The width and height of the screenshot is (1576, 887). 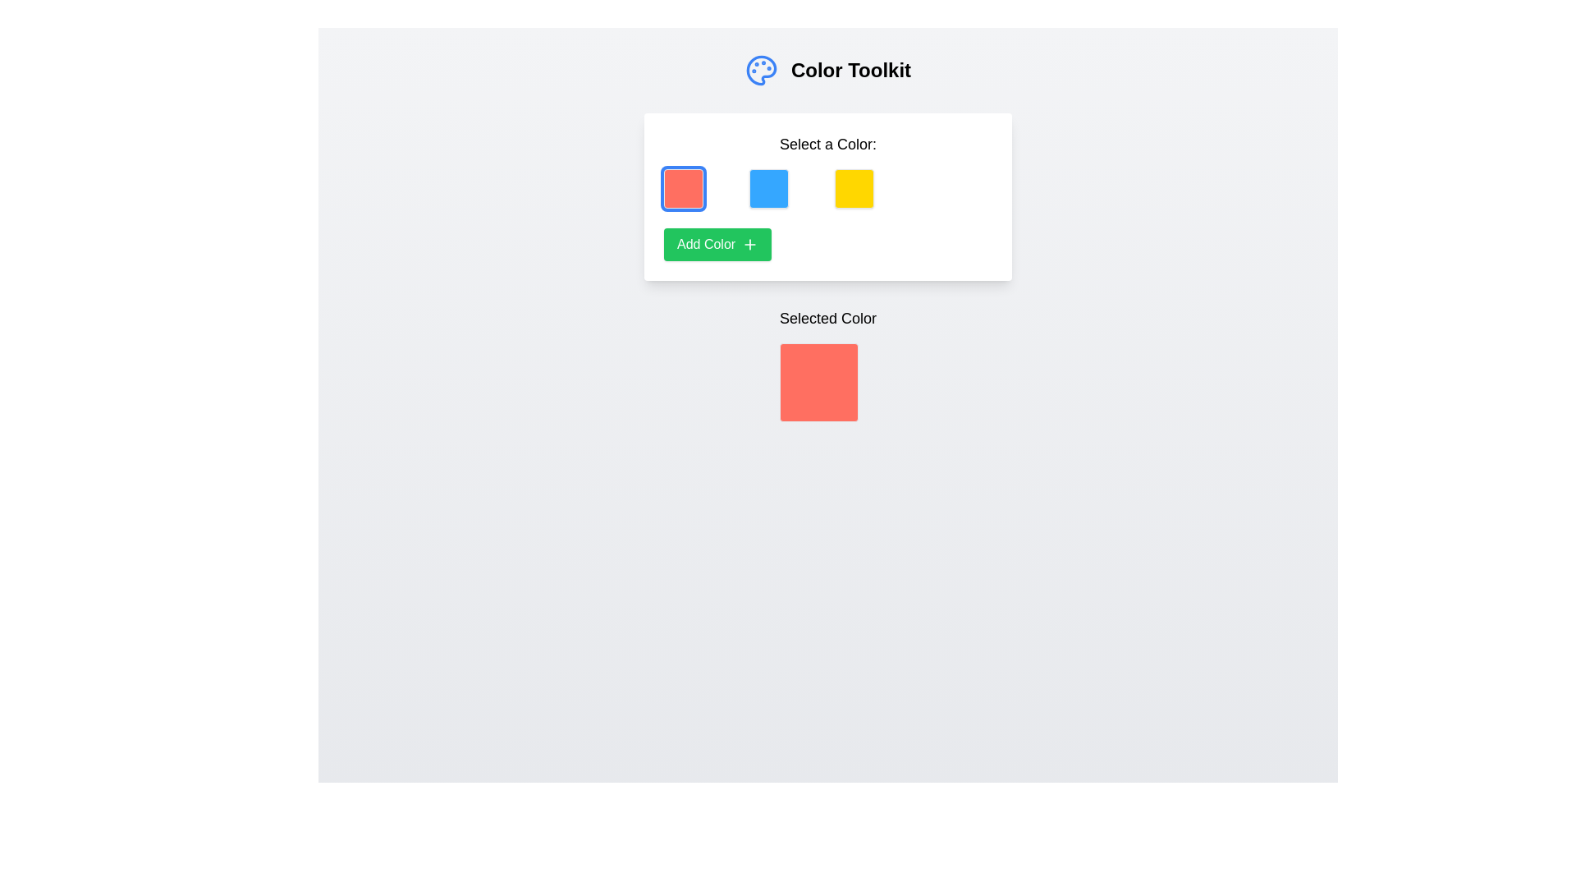 What do you see at coordinates (854, 188) in the screenshot?
I see `the third color selection button, which allows the user` at bounding box center [854, 188].